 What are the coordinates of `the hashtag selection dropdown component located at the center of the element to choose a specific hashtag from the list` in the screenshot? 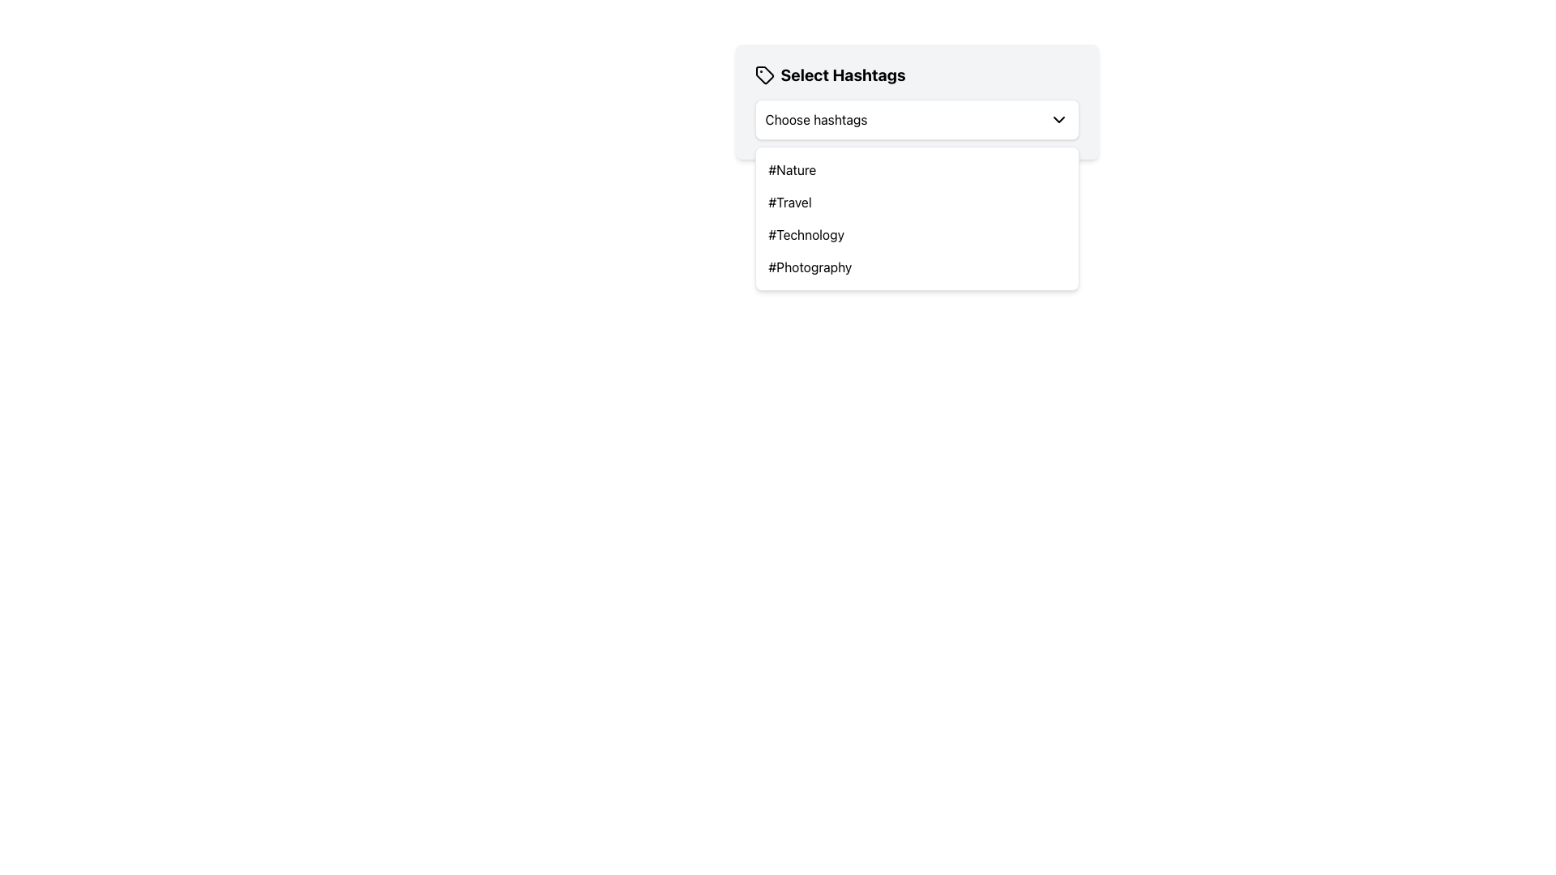 It's located at (917, 102).